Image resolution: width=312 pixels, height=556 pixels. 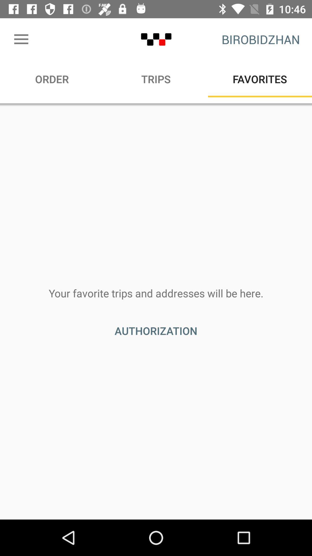 I want to click on item above the order icon, so click(x=21, y=39).